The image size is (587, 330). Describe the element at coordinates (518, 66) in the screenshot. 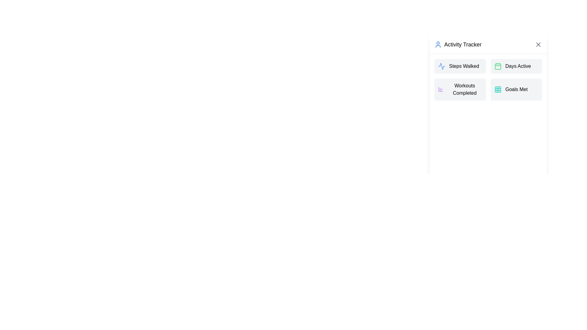

I see `the 'Days Active' label in the tile block located in the second column, first row, next to the green calendar icon` at that location.